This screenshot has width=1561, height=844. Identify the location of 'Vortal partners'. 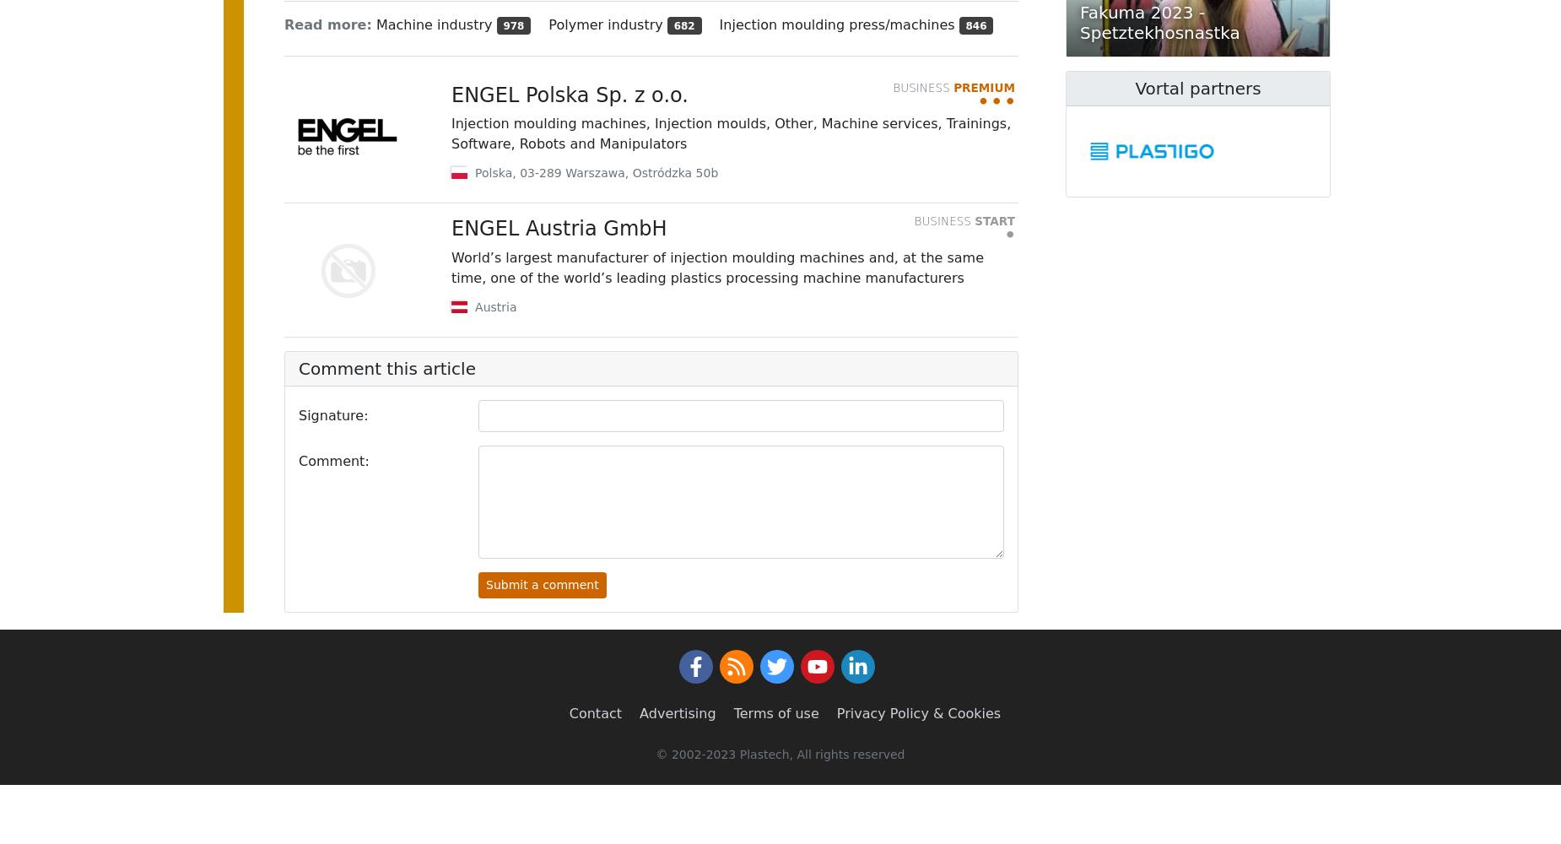
(1197, 88).